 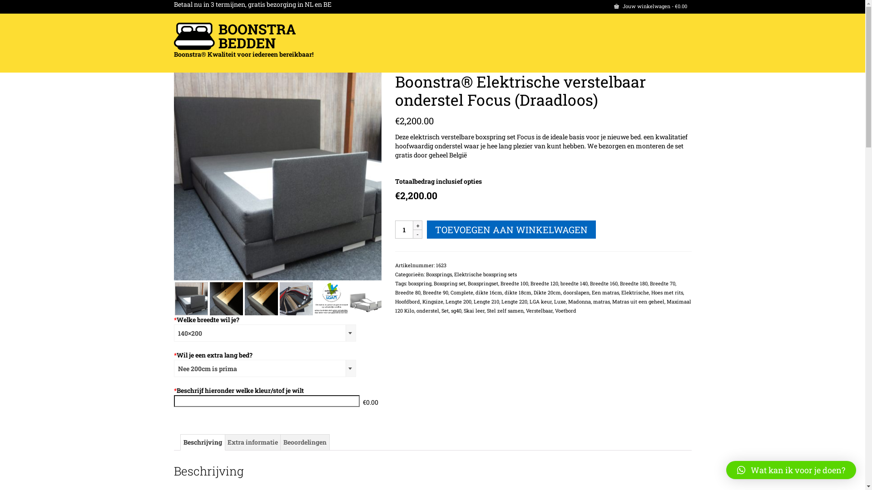 I want to click on 'Extra informatie', so click(x=252, y=442).